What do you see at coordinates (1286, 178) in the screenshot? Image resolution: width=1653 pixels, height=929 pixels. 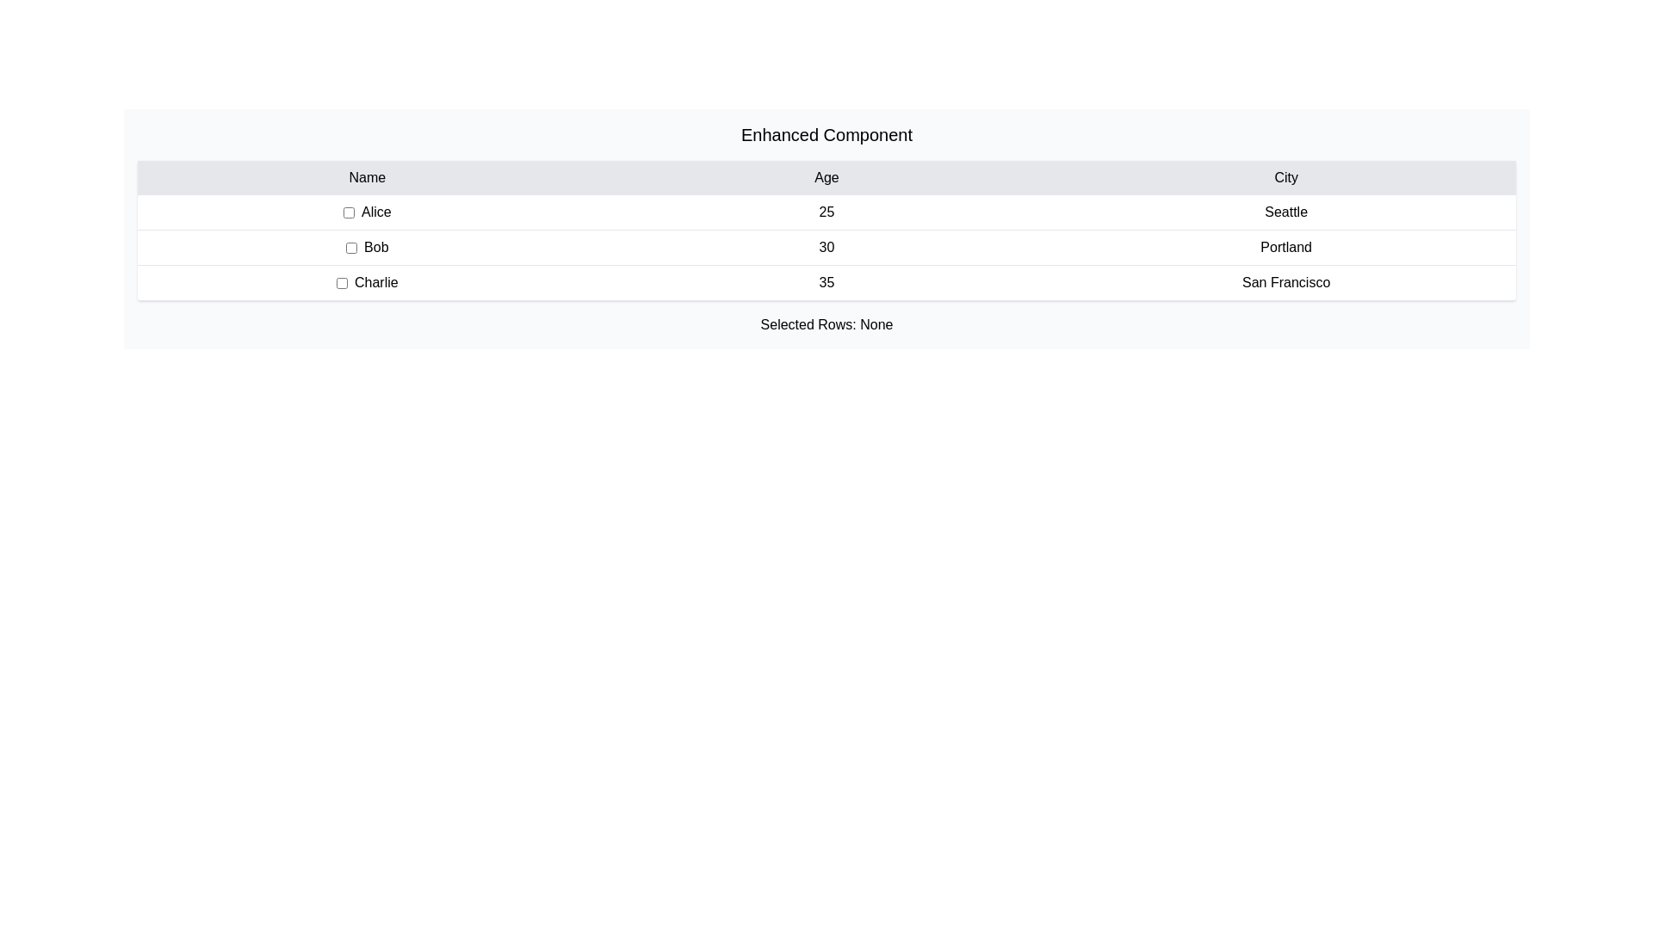 I see `the text label displaying 'City', which is styled with center-aligned bold text in a light gray background, located in the third column of a three-column grid layout in the header row` at bounding box center [1286, 178].